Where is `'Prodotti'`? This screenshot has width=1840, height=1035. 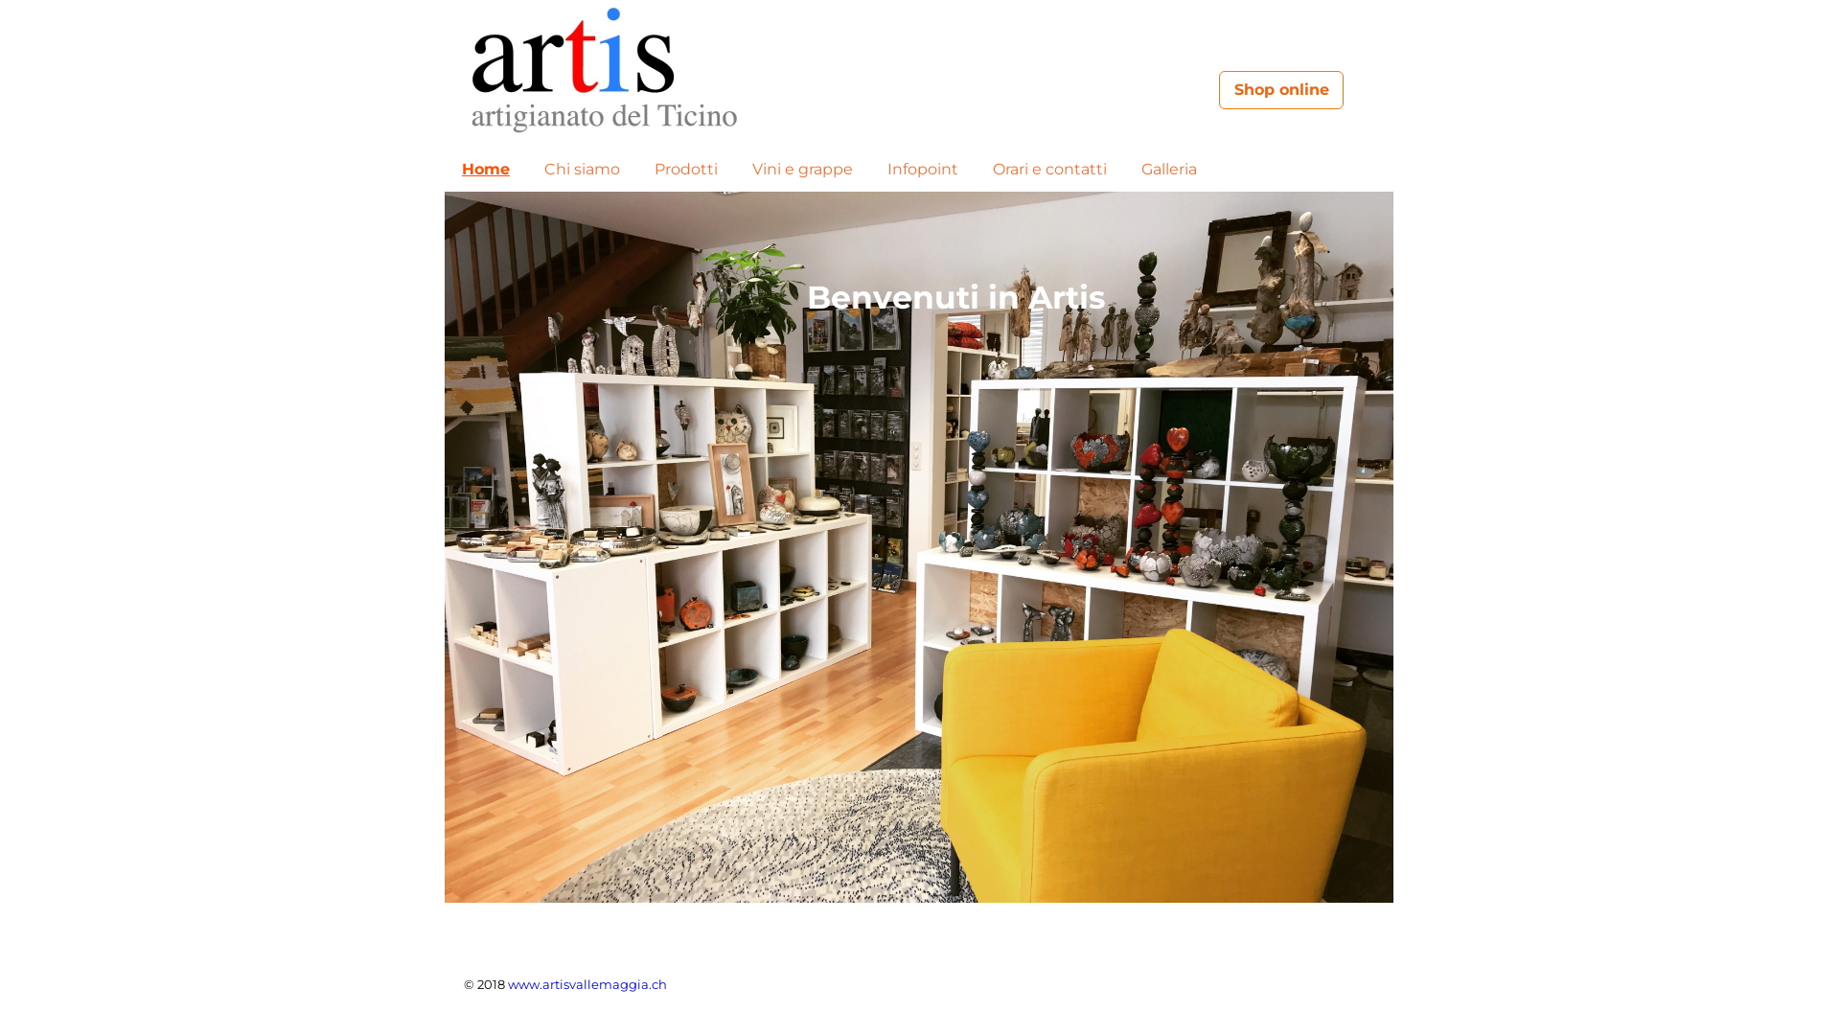 'Prodotti' is located at coordinates (685, 169).